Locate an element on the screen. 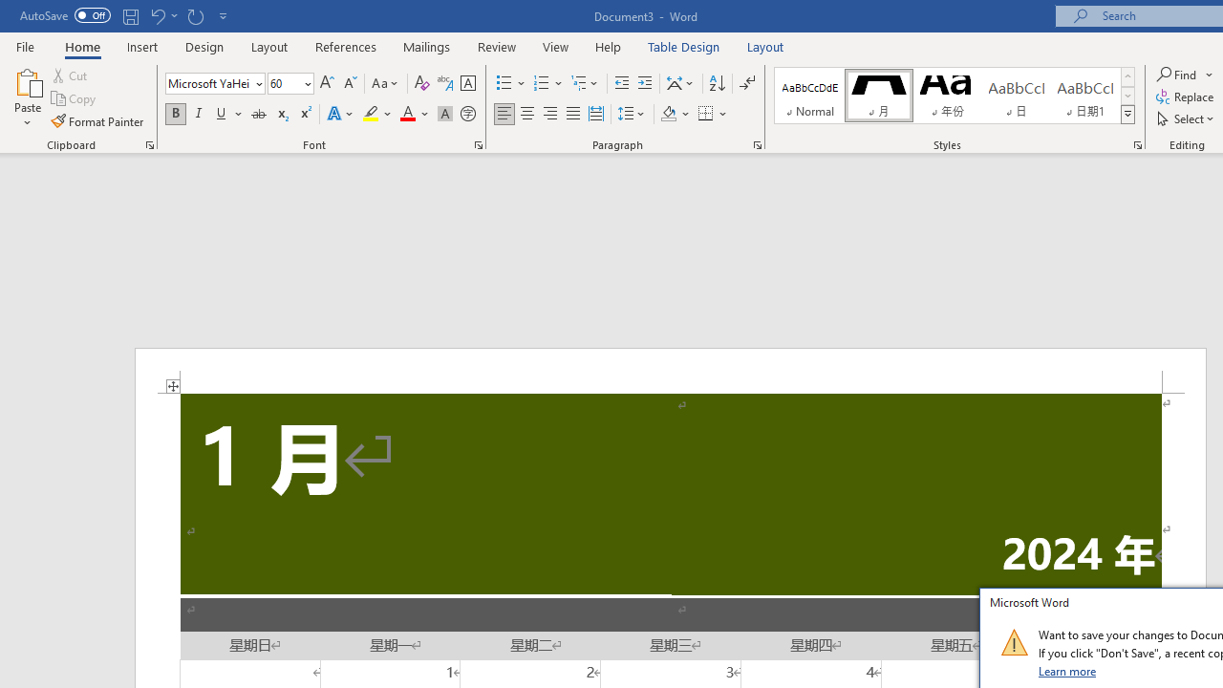 This screenshot has height=688, width=1223. 'Font Size' is located at coordinates (284, 82).